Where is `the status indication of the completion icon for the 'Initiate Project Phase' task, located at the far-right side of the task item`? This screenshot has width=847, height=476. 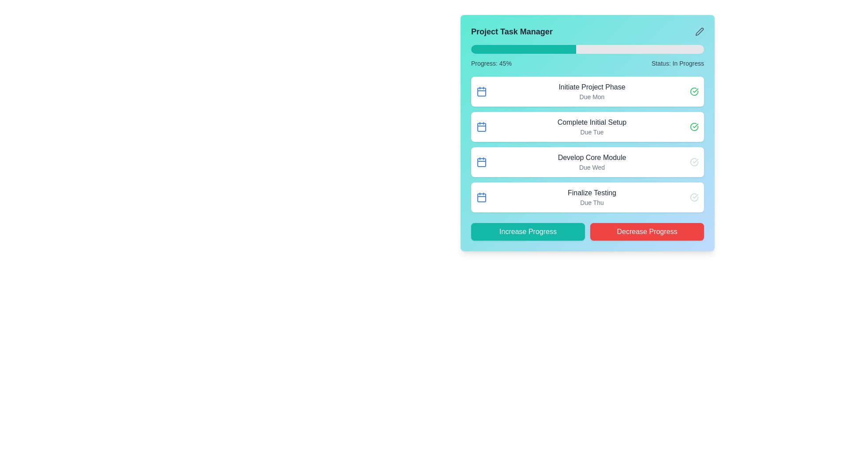
the status indication of the completion icon for the 'Initiate Project Phase' task, located at the far-right side of the task item is located at coordinates (694, 92).